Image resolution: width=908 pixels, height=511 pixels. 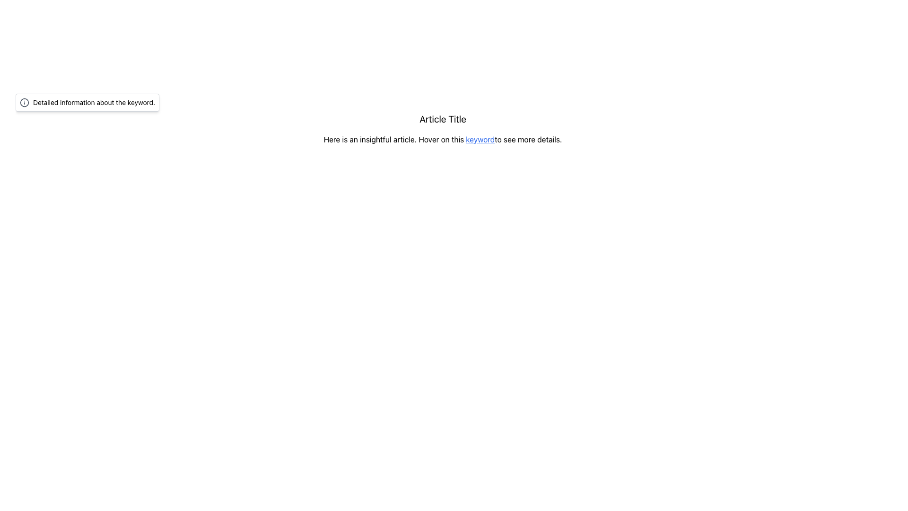 I want to click on the supplementary explanatory text element located near an informational icon, so click(x=94, y=102).